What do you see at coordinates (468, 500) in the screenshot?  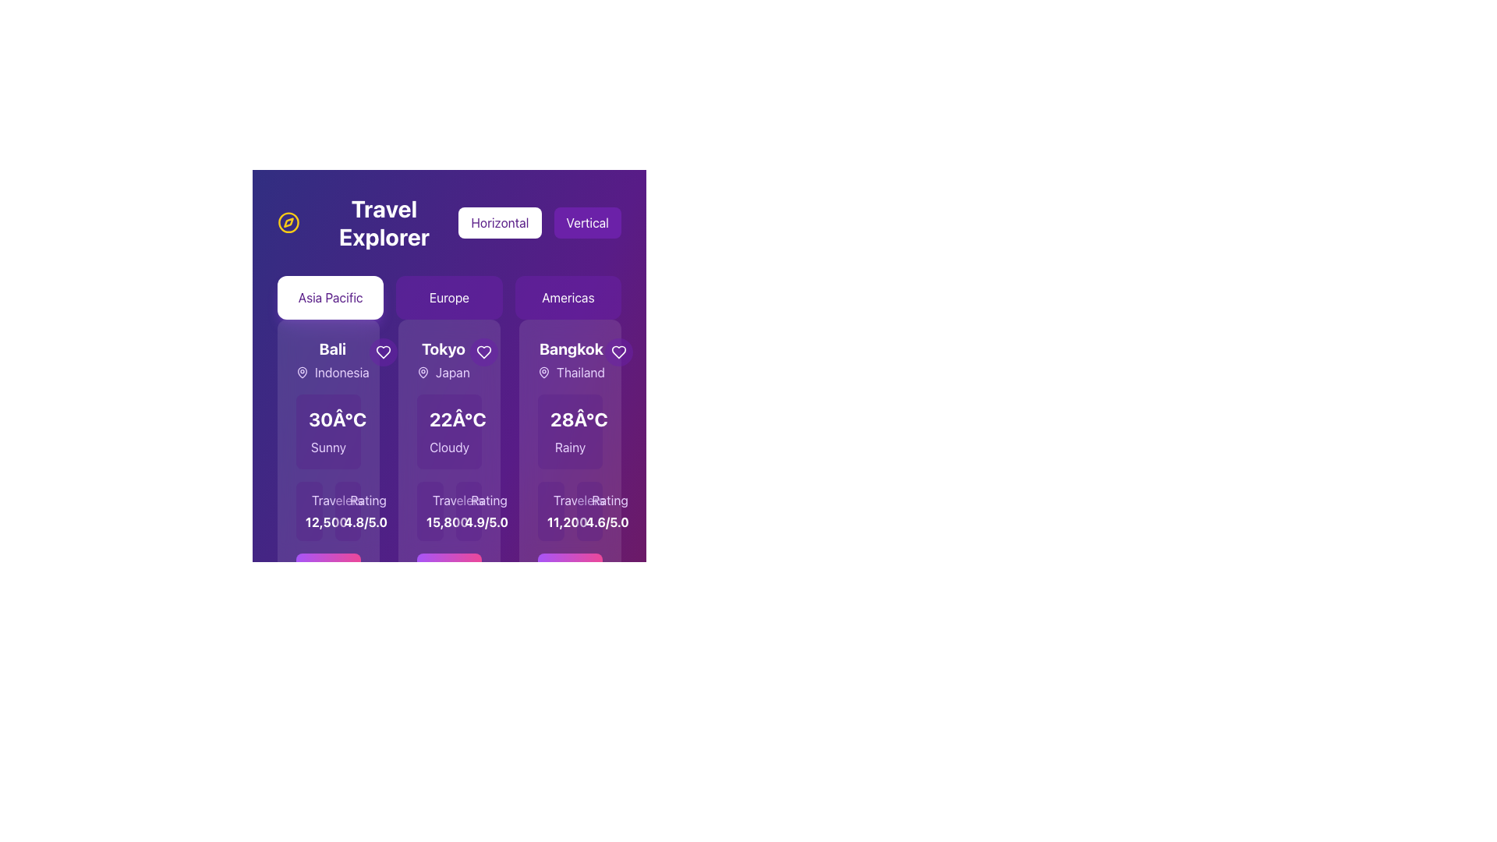 I see `the 'Rating' text label displayed in light purple color next to a small star icon within the 'Tokyo' travel card` at bounding box center [468, 500].